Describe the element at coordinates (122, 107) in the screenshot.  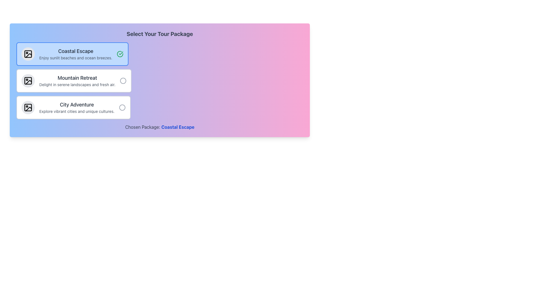
I see `the circular radio button with a gray border located to the far right within the 'City Adventure' card` at that location.